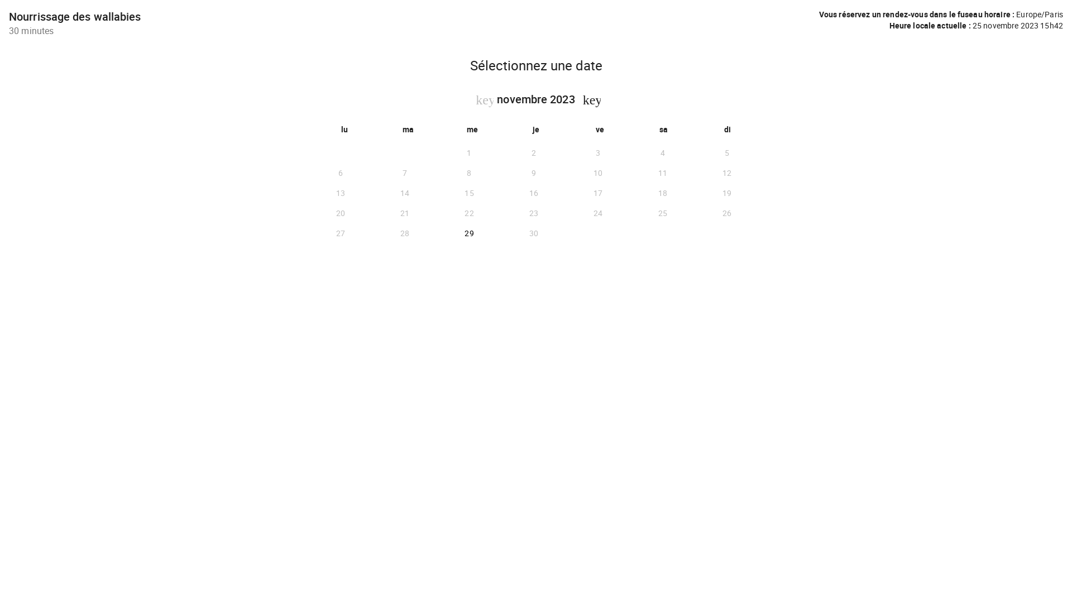  What do you see at coordinates (566, 213) in the screenshot?
I see `'24'` at bounding box center [566, 213].